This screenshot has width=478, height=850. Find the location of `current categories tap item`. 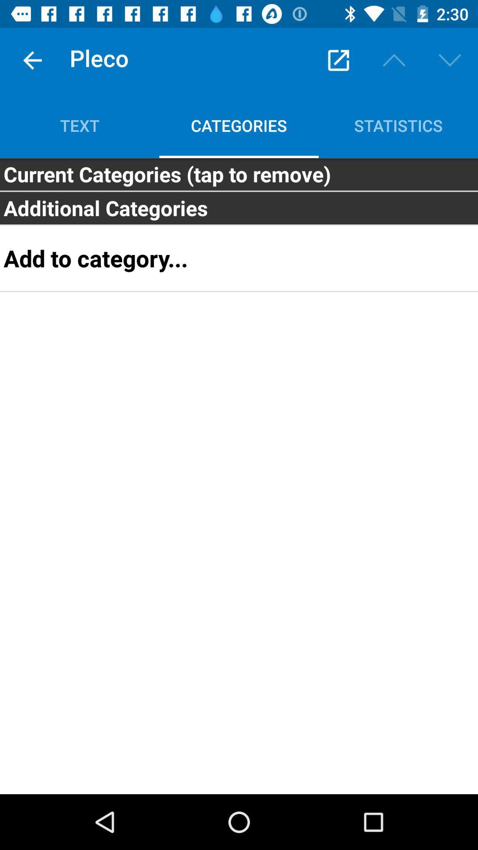

current categories tap item is located at coordinates (239, 174).